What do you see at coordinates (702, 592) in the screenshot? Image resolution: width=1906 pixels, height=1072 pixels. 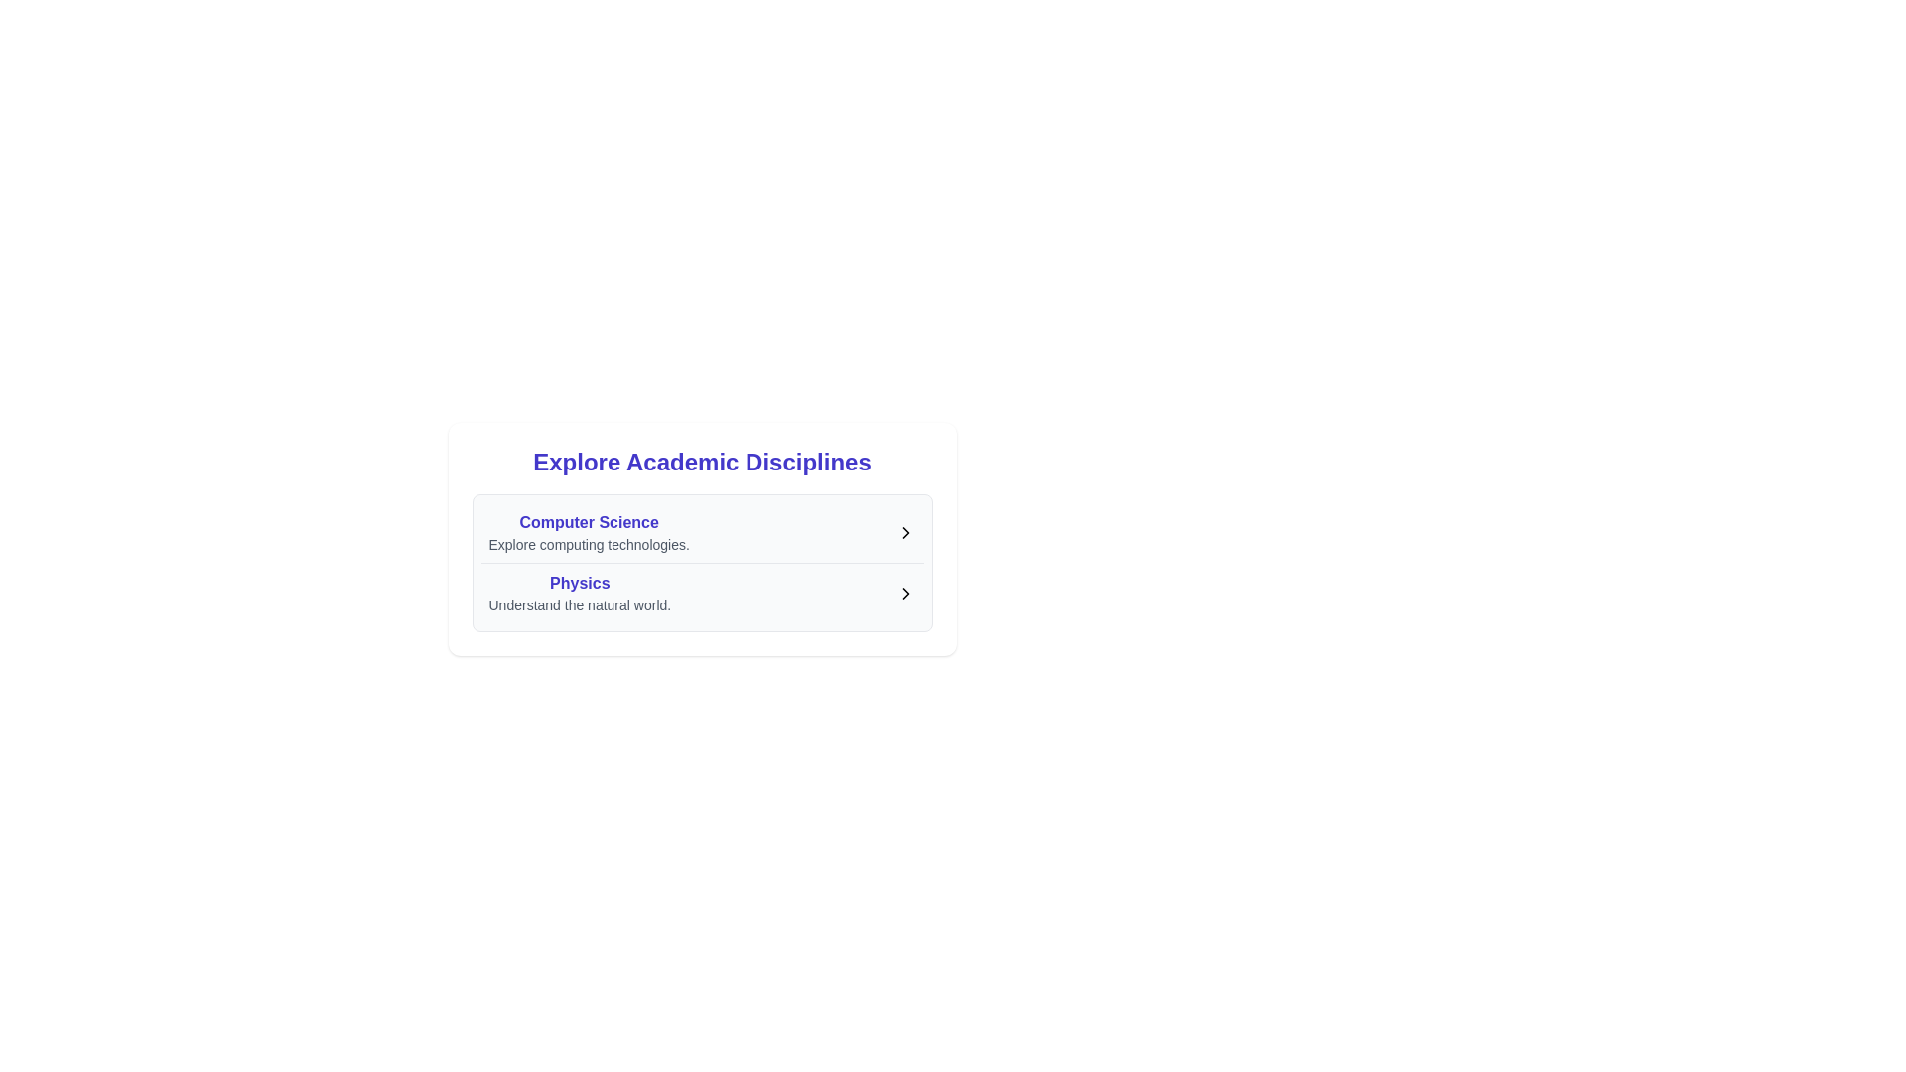 I see `the second list item in the 'Explore Academic Disciplines' panel` at bounding box center [702, 592].